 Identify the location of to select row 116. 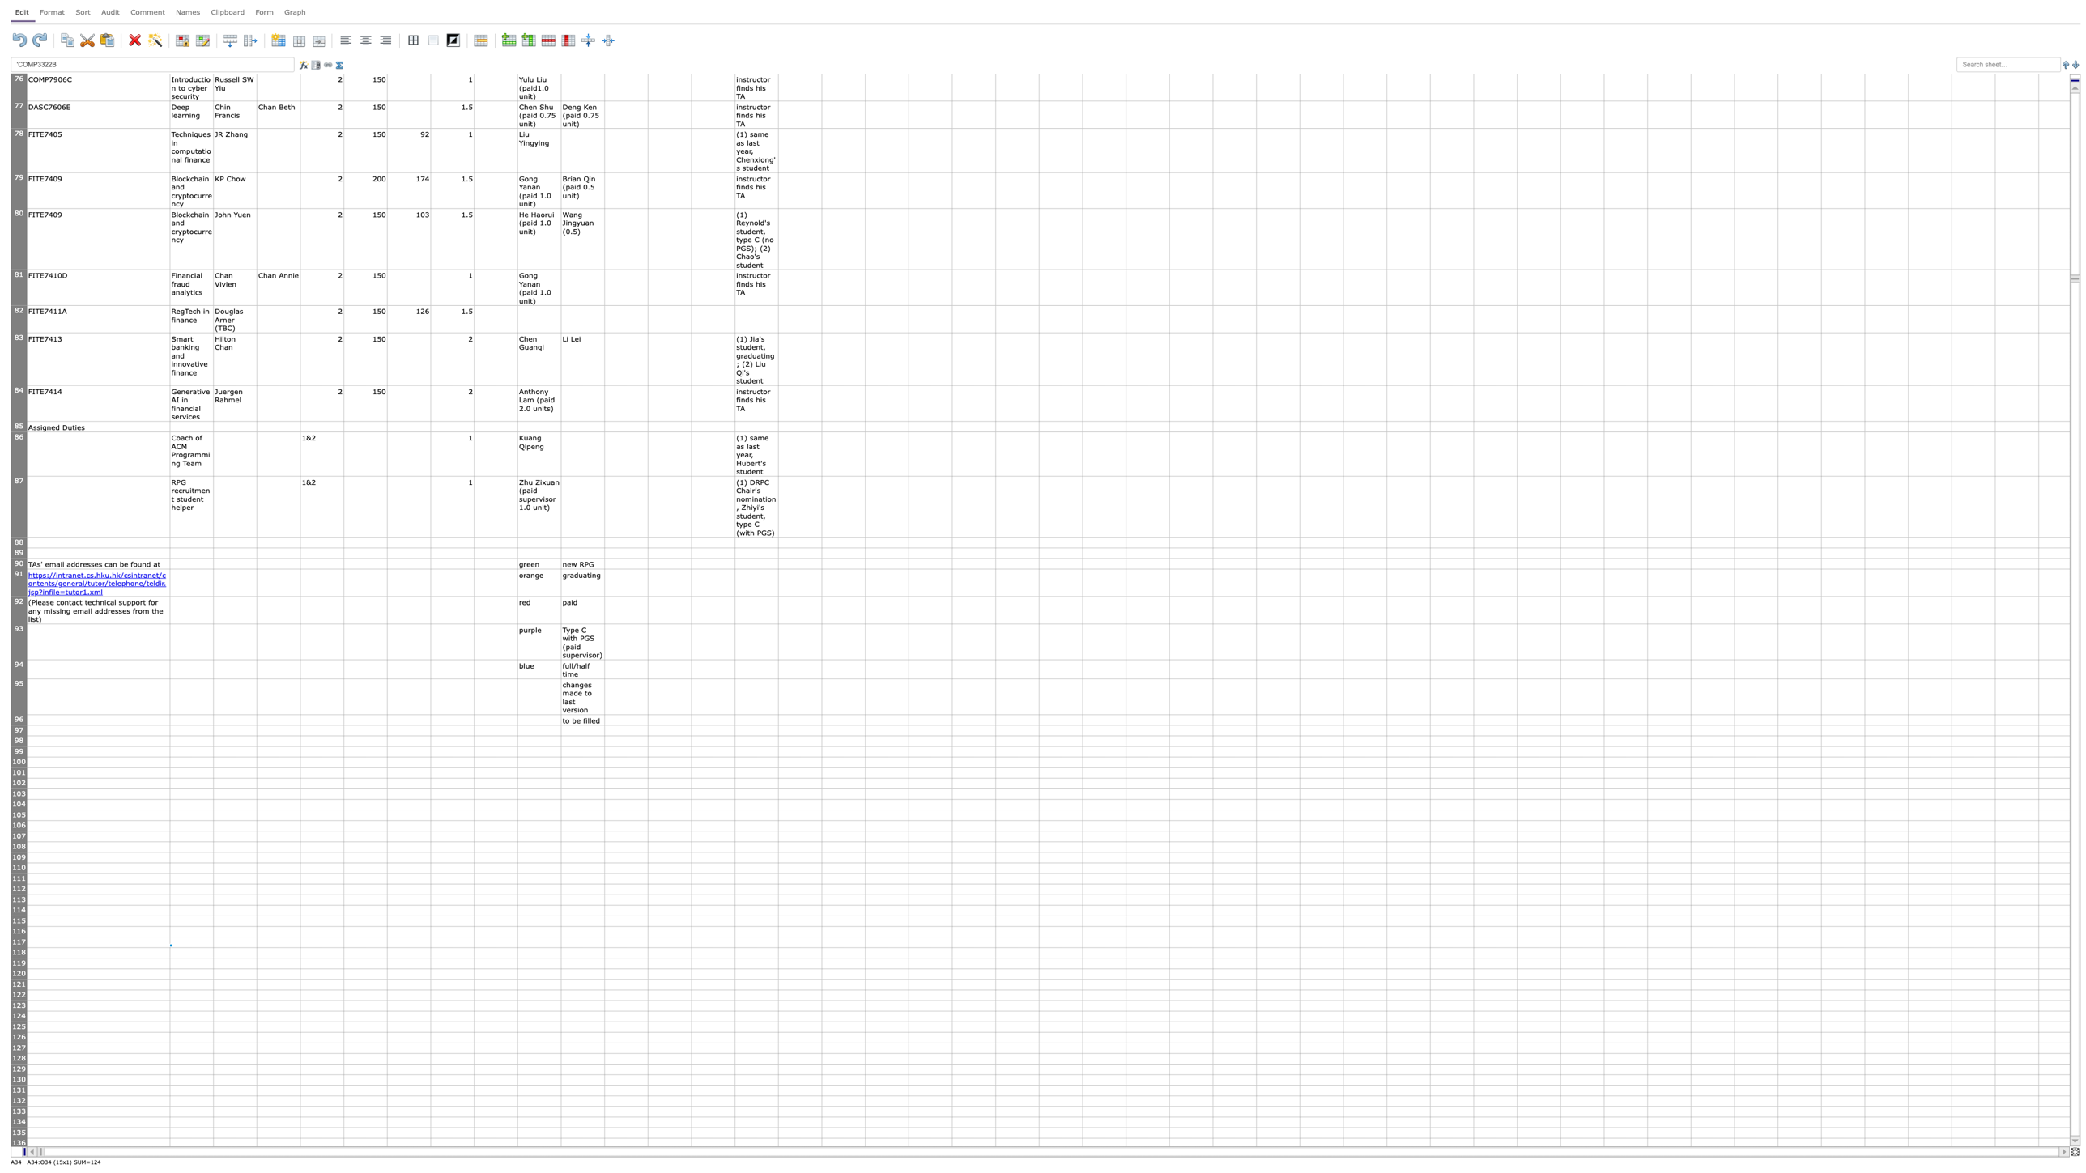
(19, 930).